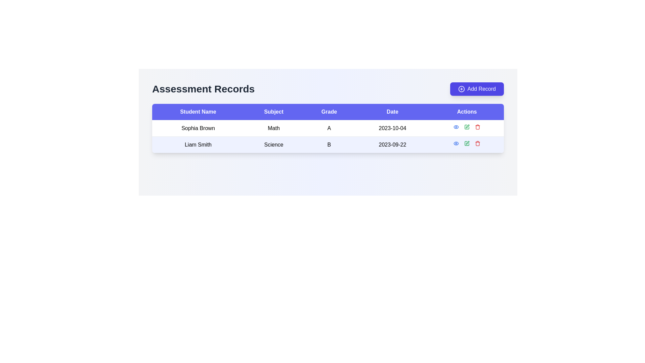 The width and height of the screenshot is (645, 363). Describe the element at coordinates (461, 89) in the screenshot. I see `the circular icon with a plus sign inside, which is positioned to the right of the 'Add Record' button` at that location.